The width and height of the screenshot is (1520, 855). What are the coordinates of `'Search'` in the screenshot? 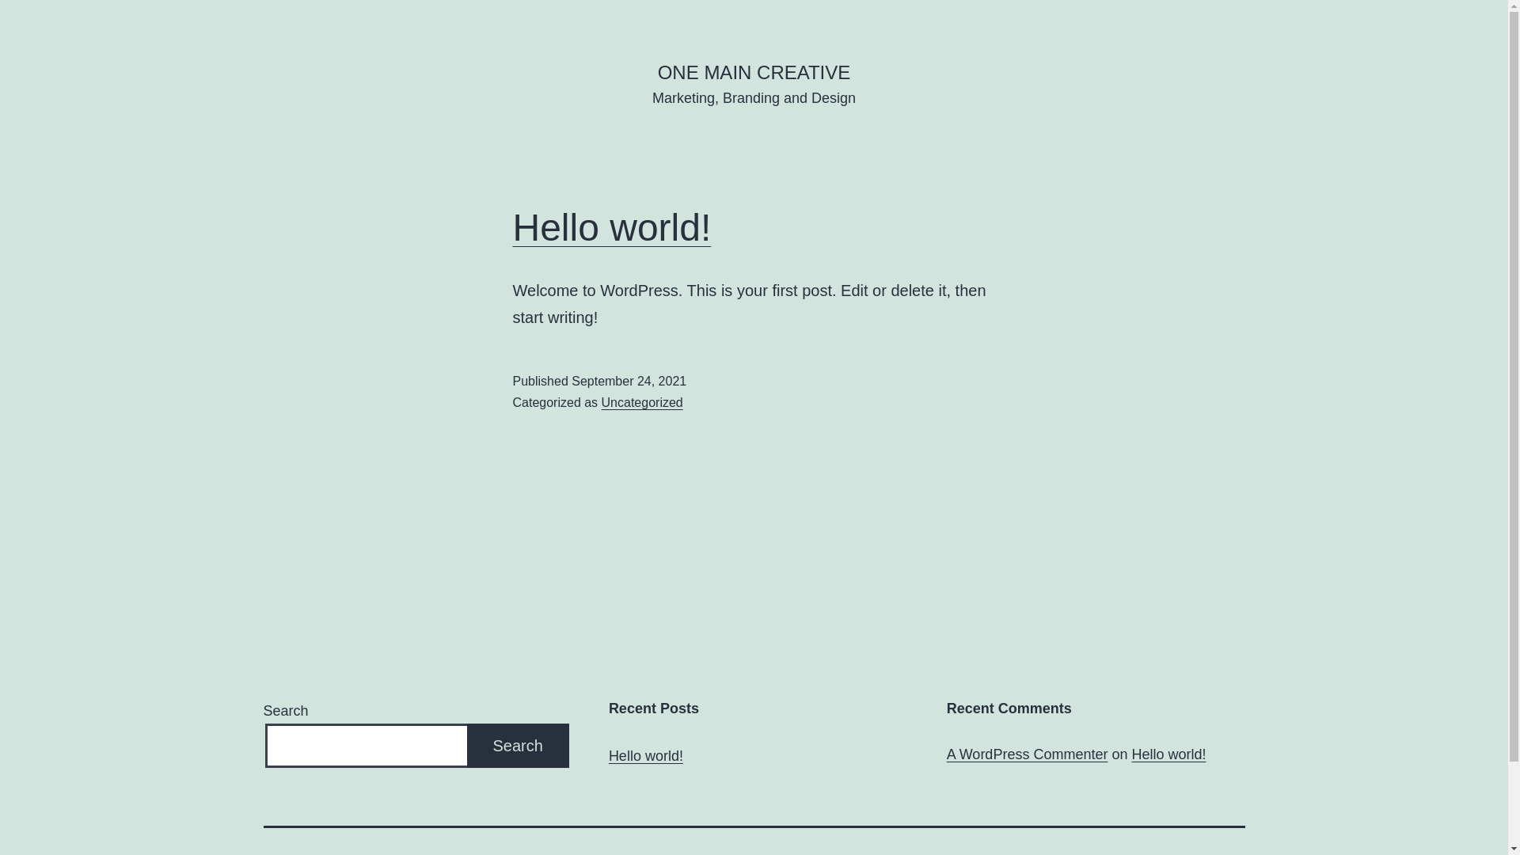 It's located at (518, 746).